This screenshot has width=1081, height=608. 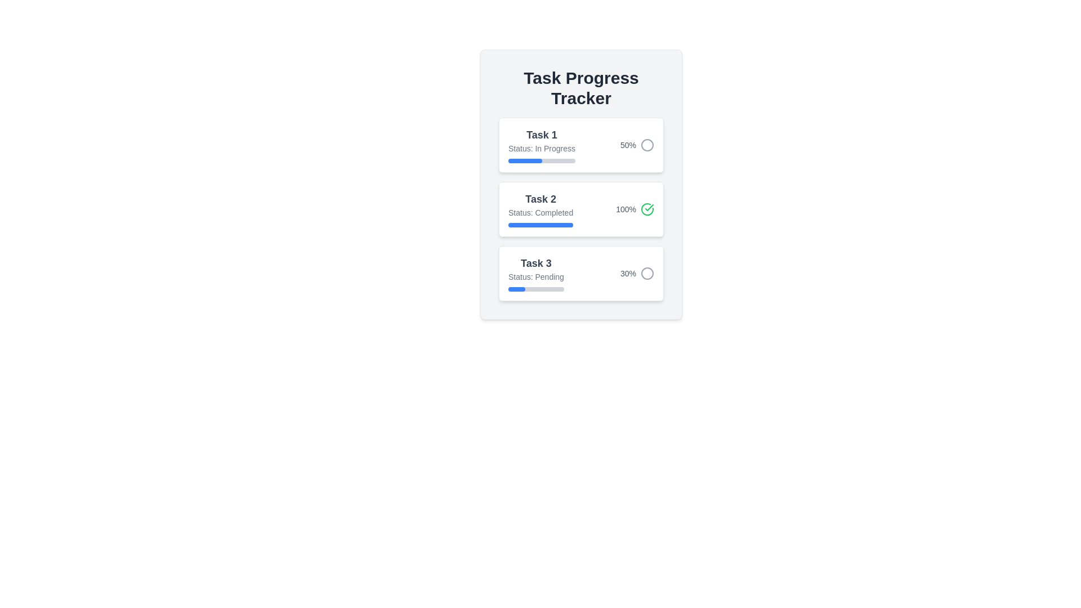 What do you see at coordinates (635, 209) in the screenshot?
I see `the completion status label with a checkmark icon for 'Task 2', indicating it is 100% complete, located in the top-right corner of the task card` at bounding box center [635, 209].